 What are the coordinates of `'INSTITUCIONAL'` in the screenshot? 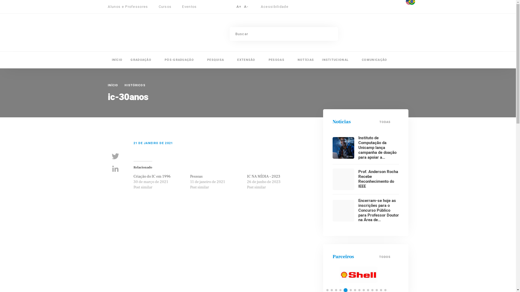 It's located at (337, 60).